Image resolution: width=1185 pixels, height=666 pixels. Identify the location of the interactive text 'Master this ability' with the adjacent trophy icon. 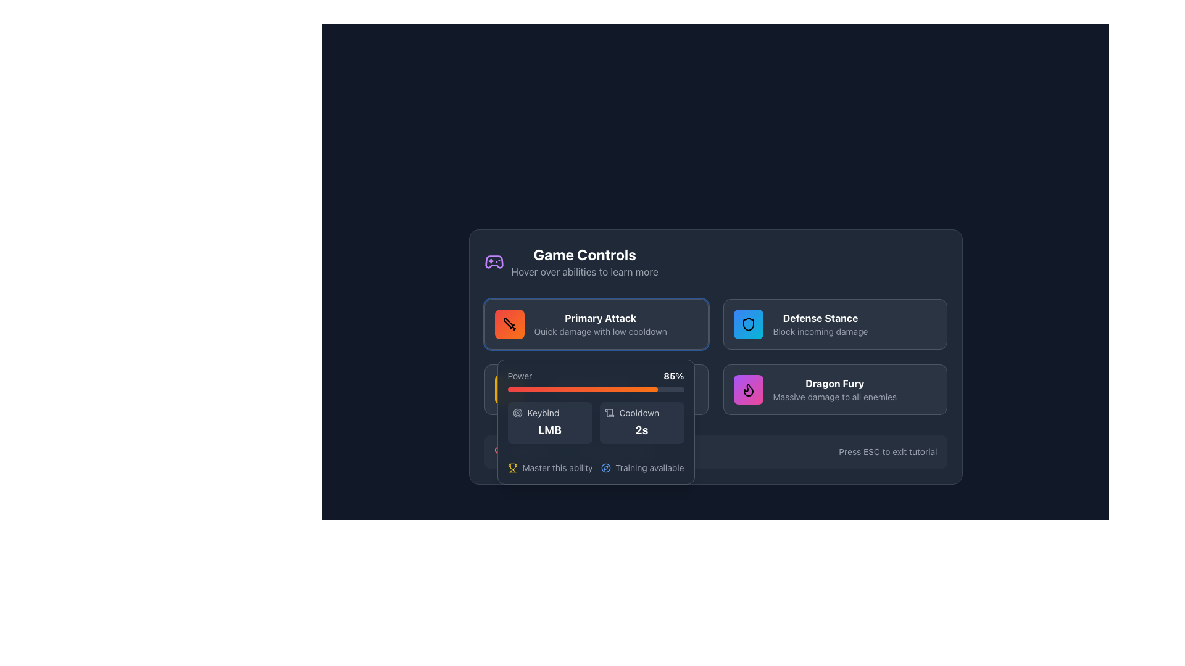
(550, 468).